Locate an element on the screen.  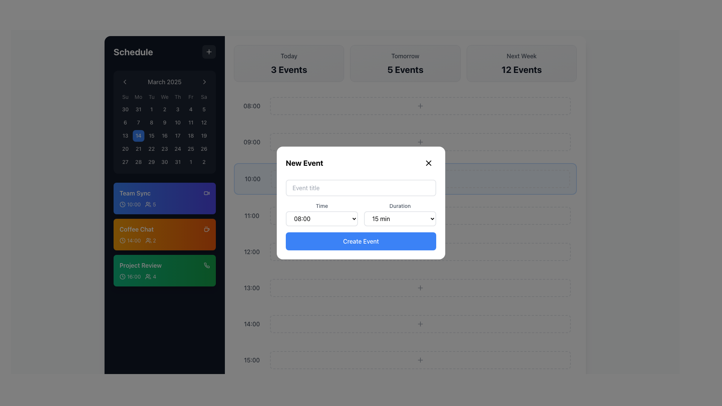
the close button located at the upper-right corner of the 'New Event' modal dialog is located at coordinates (429, 163).